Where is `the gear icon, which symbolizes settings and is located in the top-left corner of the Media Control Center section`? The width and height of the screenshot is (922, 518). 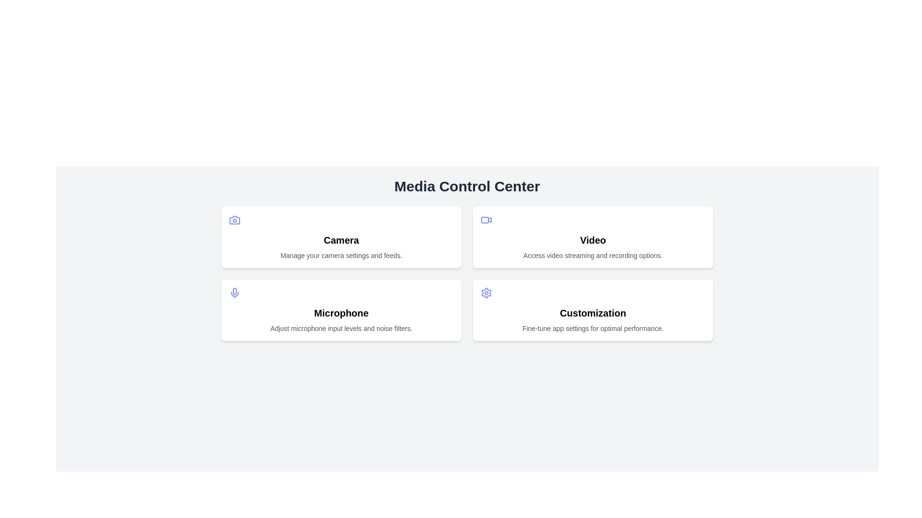
the gear icon, which symbolizes settings and is located in the top-left corner of the Media Control Center section is located at coordinates (486, 292).